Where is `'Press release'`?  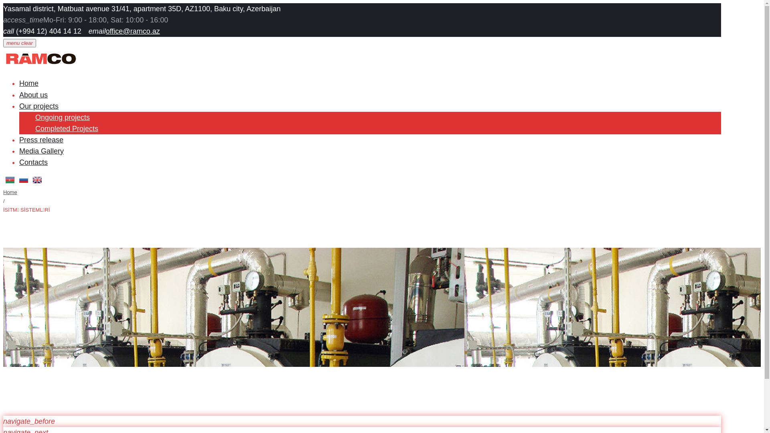
'Press release' is located at coordinates (41, 139).